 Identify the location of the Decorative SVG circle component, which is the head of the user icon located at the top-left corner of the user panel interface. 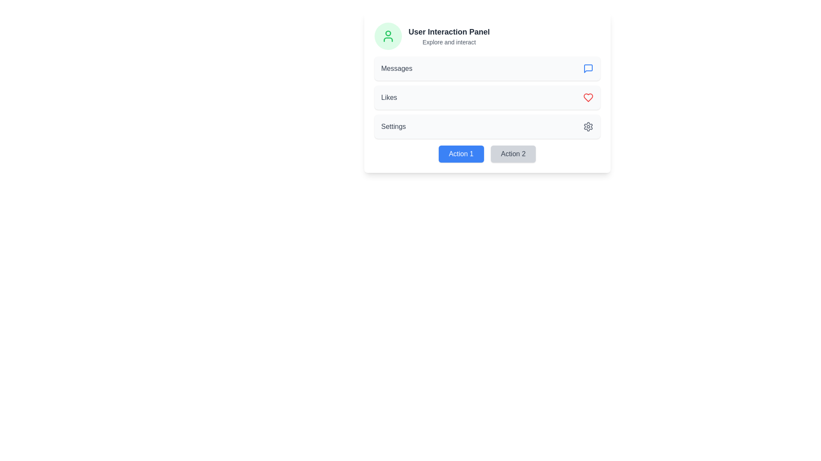
(387, 33).